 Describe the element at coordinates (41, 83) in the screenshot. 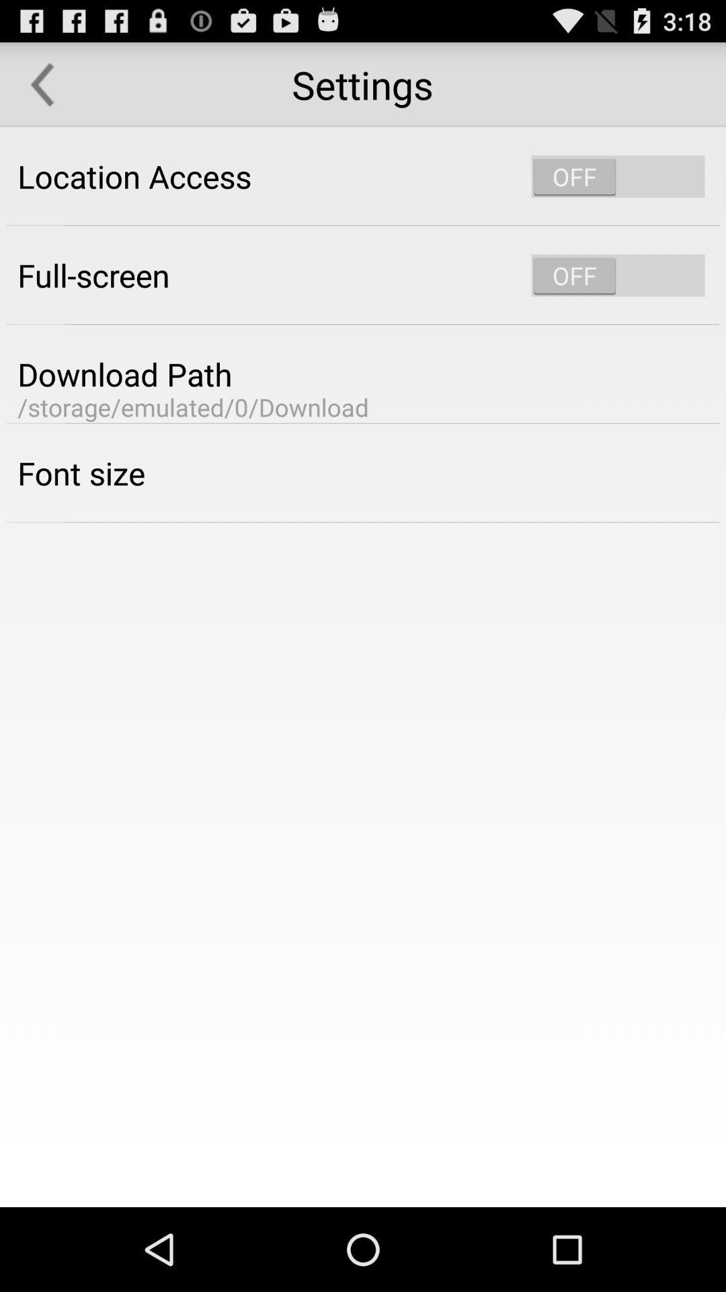

I see `the icon to the left of the settings item` at that location.